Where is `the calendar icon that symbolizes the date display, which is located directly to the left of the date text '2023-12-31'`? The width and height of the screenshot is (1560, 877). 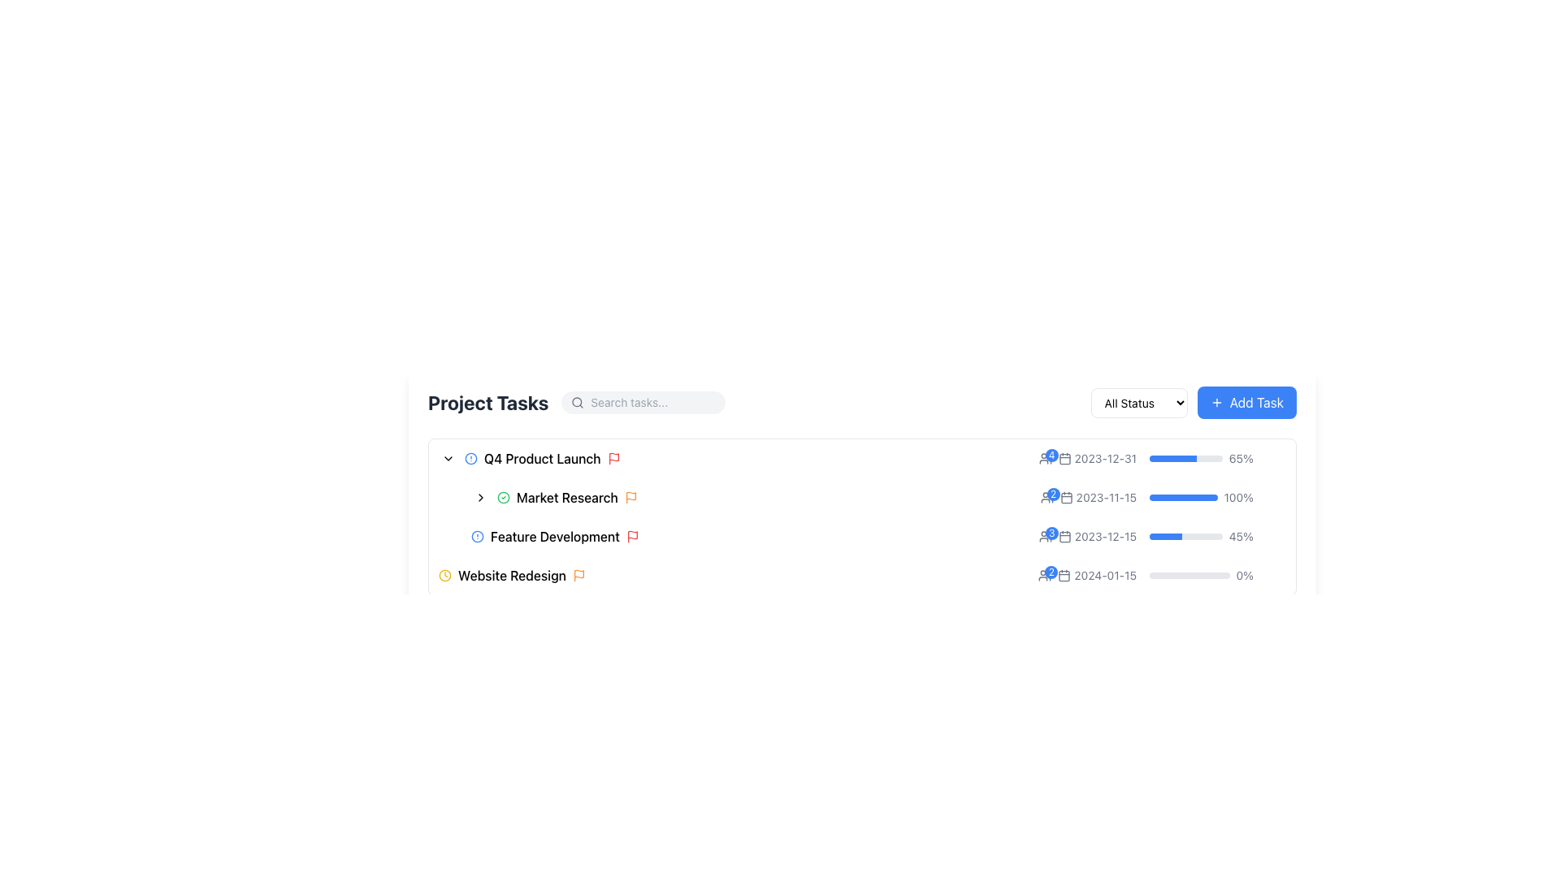
the calendar icon that symbolizes the date display, which is located directly to the left of the date text '2023-12-31' is located at coordinates (1064, 458).